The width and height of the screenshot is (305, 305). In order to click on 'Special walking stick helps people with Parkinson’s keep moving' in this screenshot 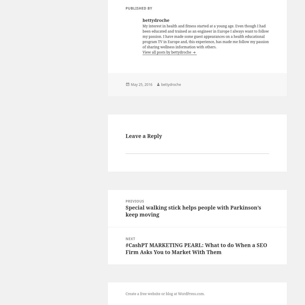, I will do `click(193, 210)`.